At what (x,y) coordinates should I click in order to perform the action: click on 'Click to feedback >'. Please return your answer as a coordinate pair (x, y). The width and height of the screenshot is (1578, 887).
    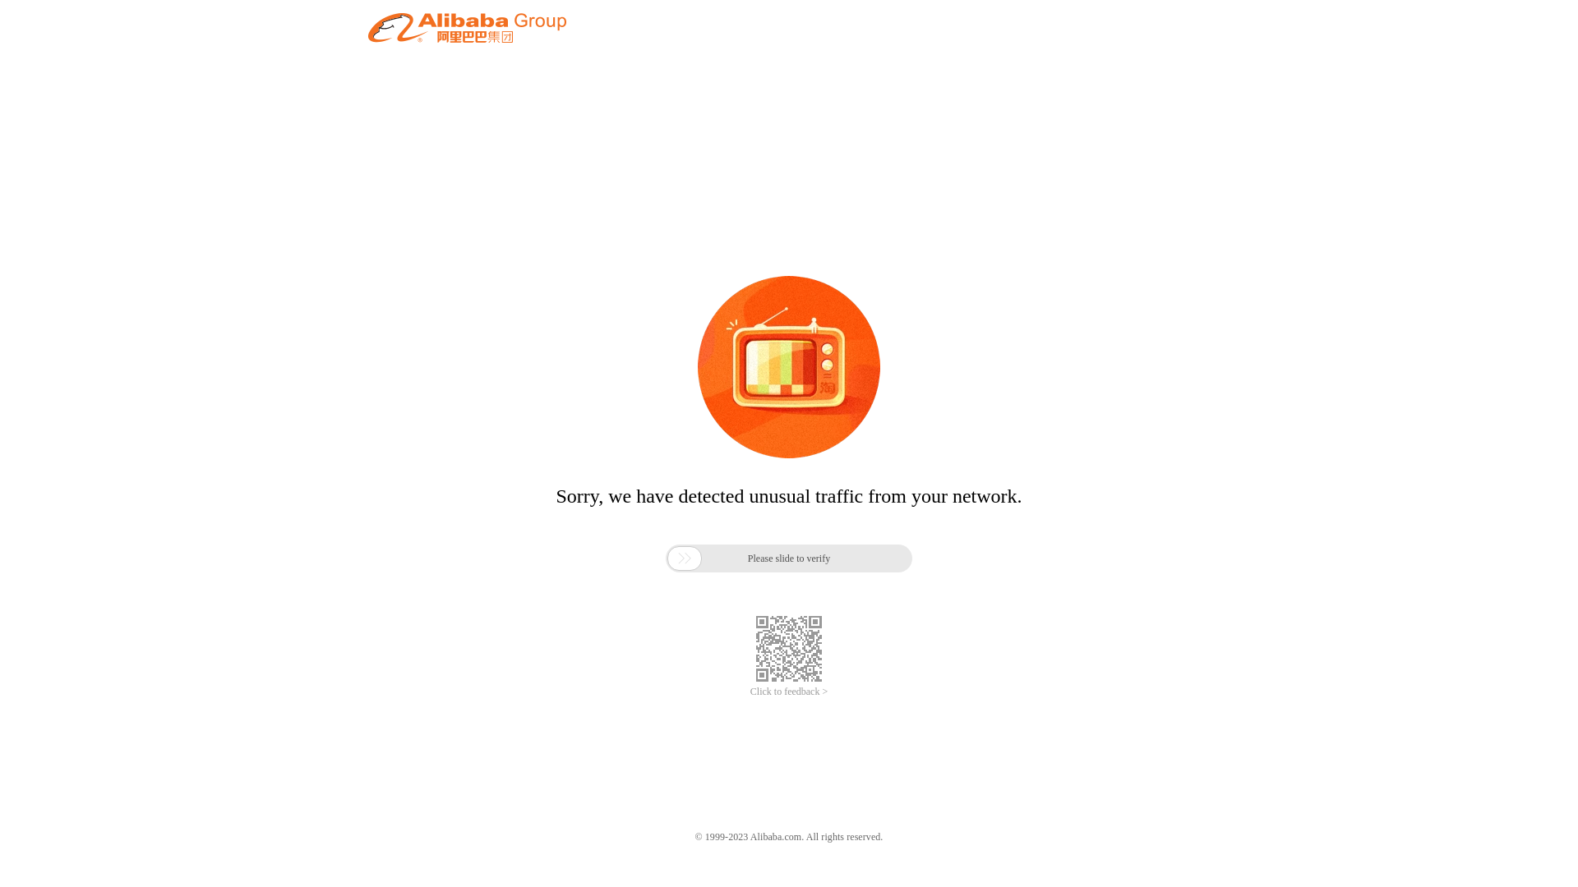
    Looking at the image, I should click on (749, 692).